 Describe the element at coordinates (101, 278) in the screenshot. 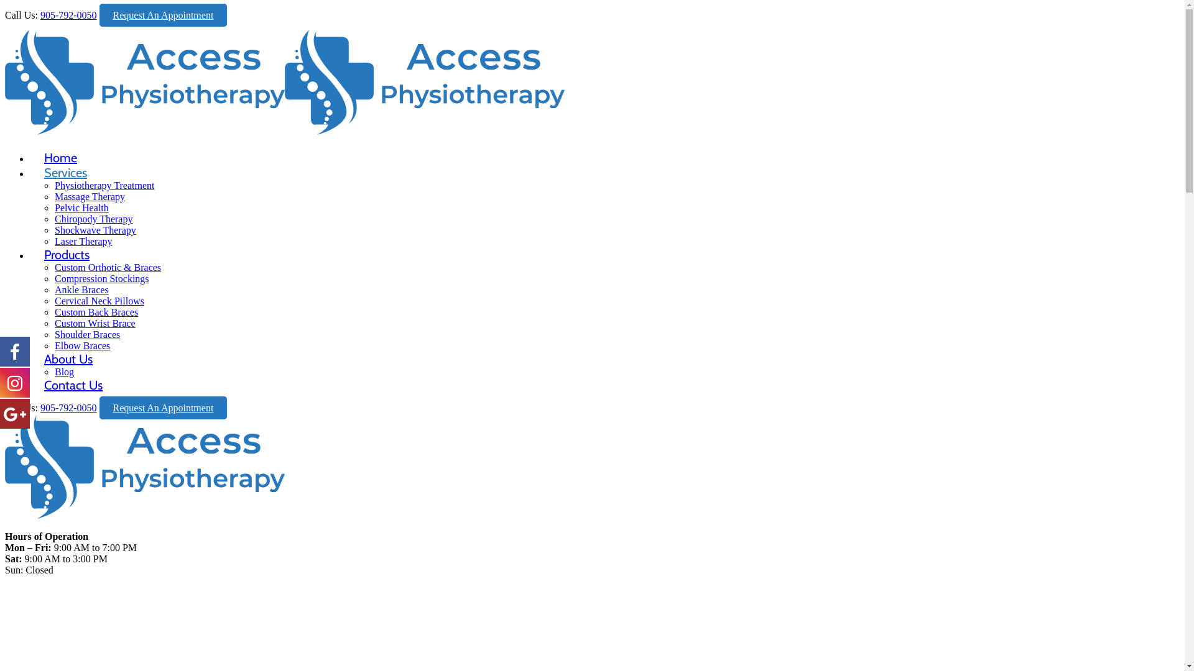

I see `'Compression Stockings'` at that location.